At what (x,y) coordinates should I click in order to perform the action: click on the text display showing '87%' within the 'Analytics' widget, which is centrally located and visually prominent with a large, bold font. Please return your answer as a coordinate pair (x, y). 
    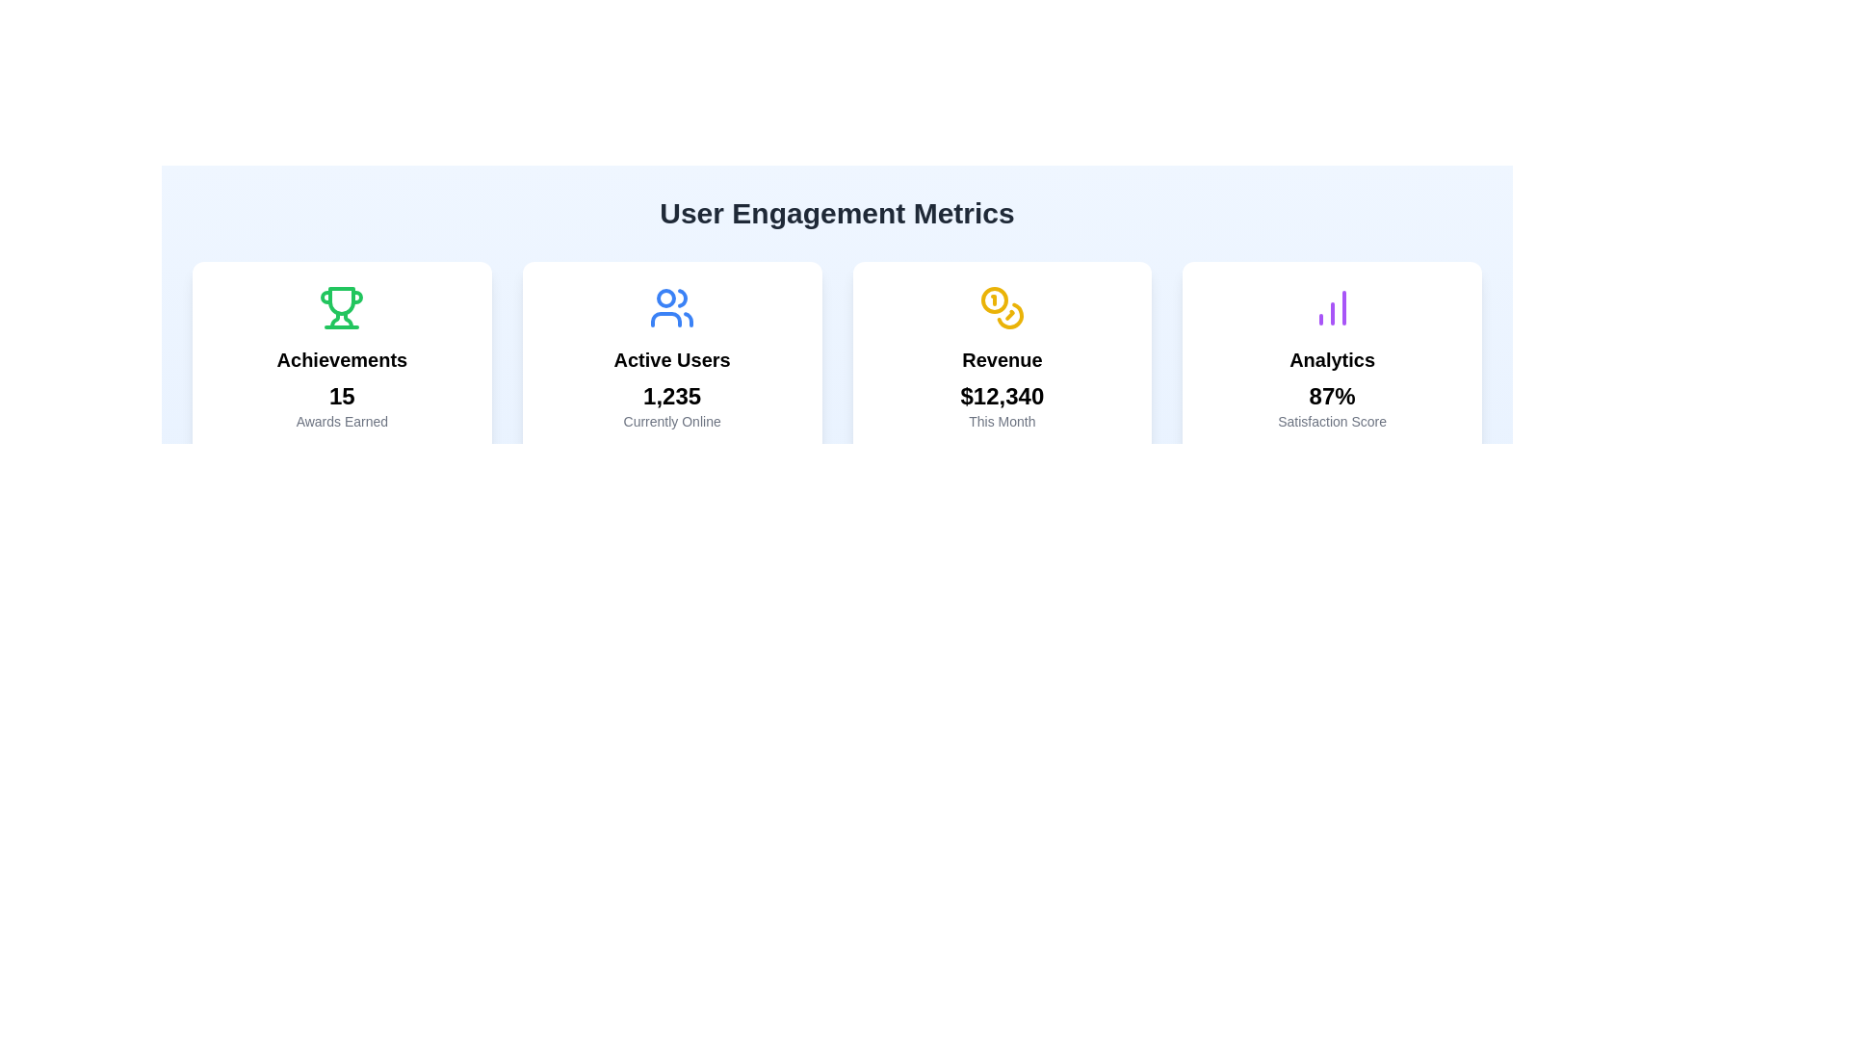
    Looking at the image, I should click on (1331, 396).